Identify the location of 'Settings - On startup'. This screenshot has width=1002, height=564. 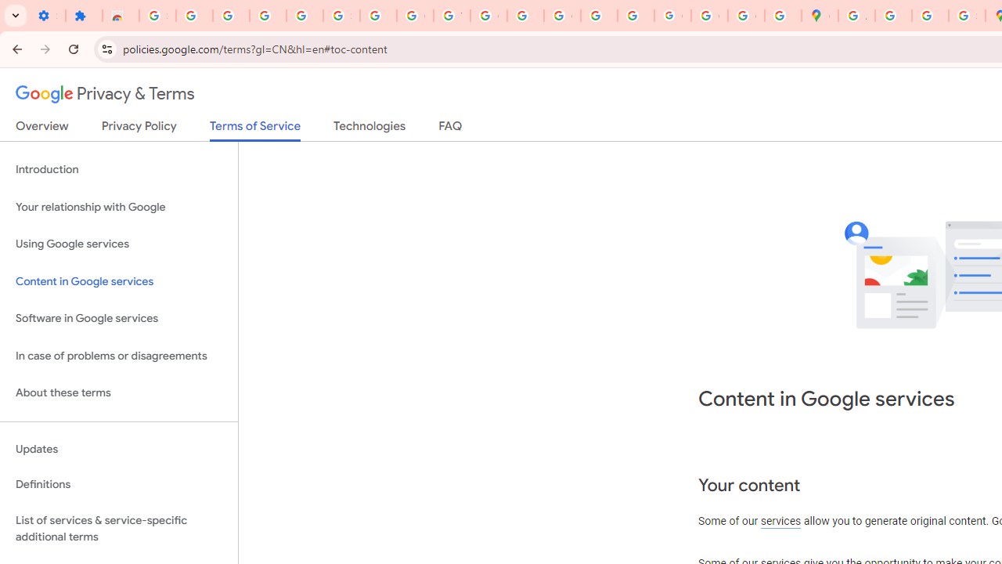
(47, 16).